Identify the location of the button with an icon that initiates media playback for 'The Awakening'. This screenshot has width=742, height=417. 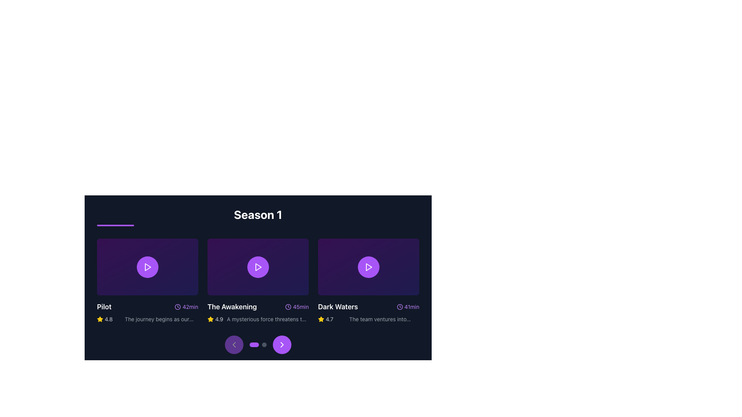
(258, 266).